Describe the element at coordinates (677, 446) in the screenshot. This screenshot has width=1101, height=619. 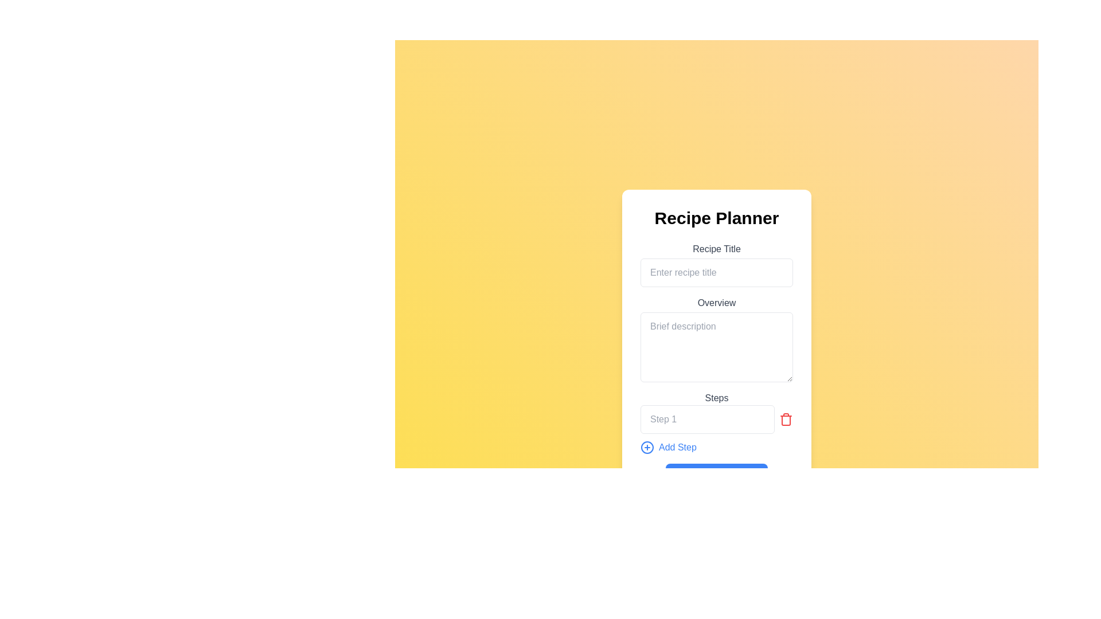
I see `the 'Add Step' text element, which is styled in blue and is part of the Steps section` at that location.